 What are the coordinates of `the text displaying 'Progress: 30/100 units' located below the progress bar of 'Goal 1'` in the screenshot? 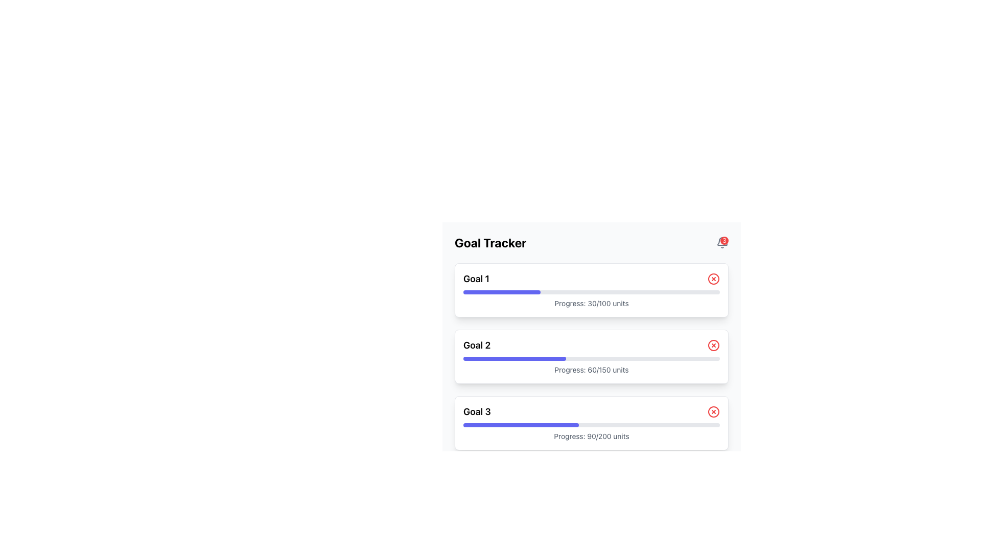 It's located at (591, 303).